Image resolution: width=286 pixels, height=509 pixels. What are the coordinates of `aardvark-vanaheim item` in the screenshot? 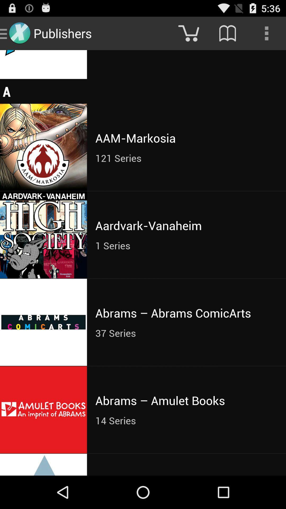 It's located at (186, 225).